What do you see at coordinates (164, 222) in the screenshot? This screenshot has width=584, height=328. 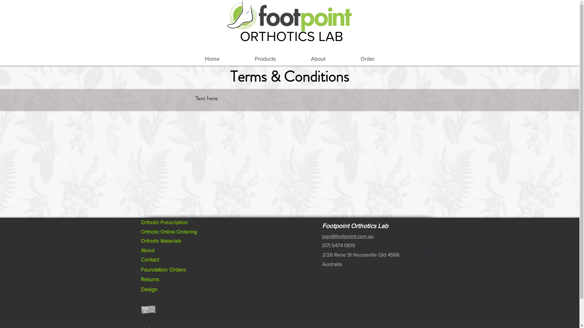 I see `'Orthotic Prescription'` at bounding box center [164, 222].